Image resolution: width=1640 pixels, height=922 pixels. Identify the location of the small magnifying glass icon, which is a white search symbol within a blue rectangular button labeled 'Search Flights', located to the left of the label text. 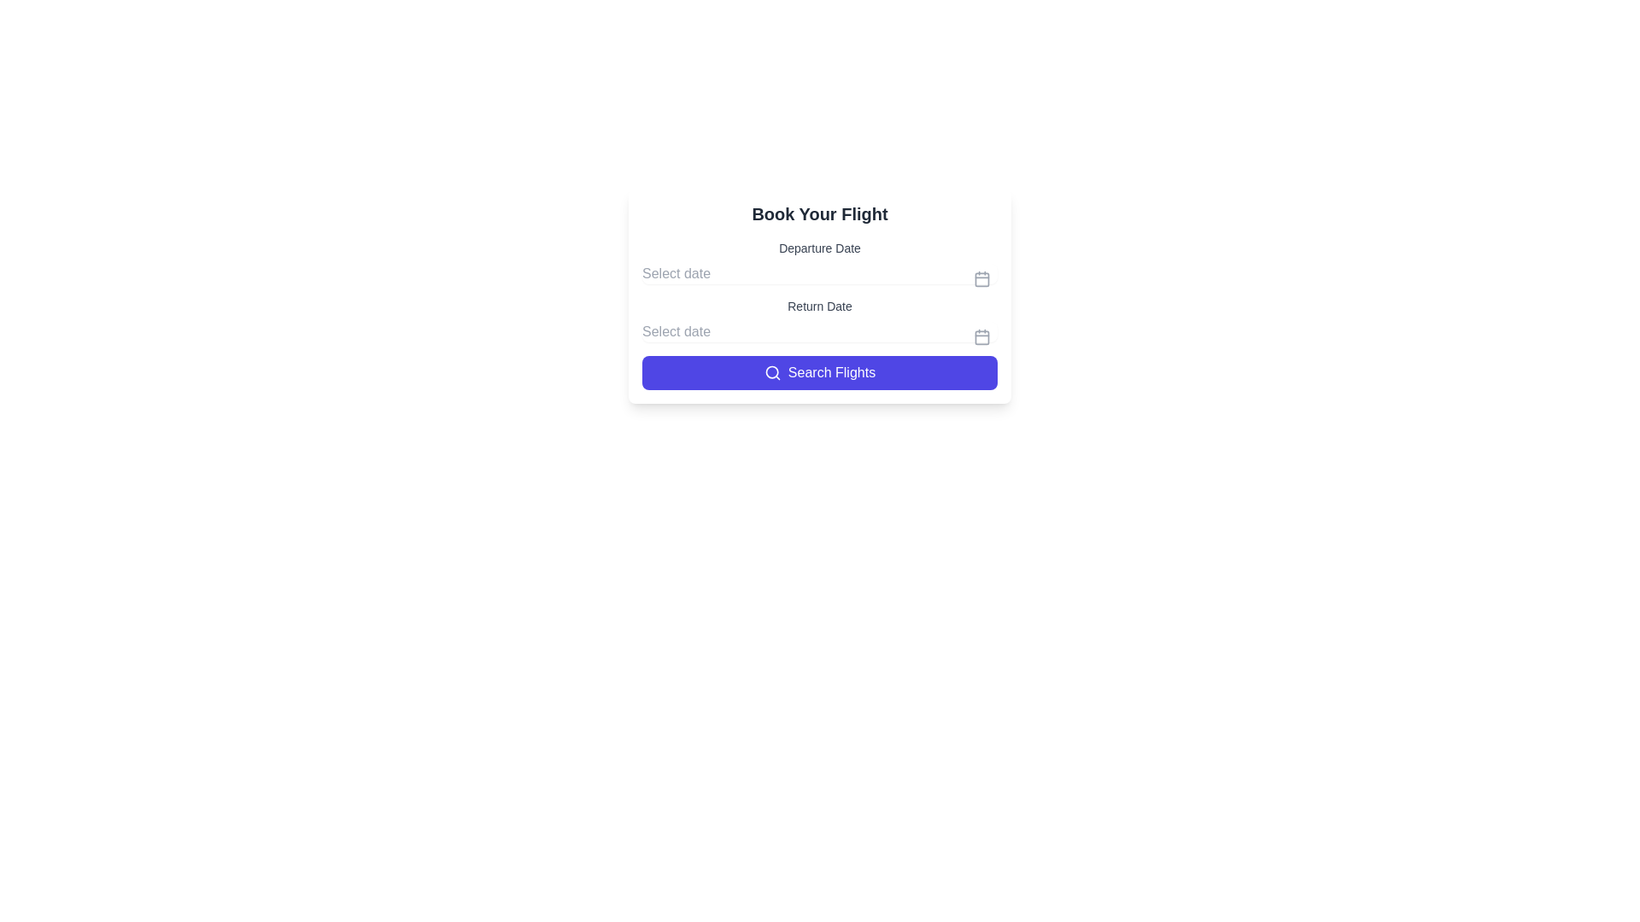
(771, 371).